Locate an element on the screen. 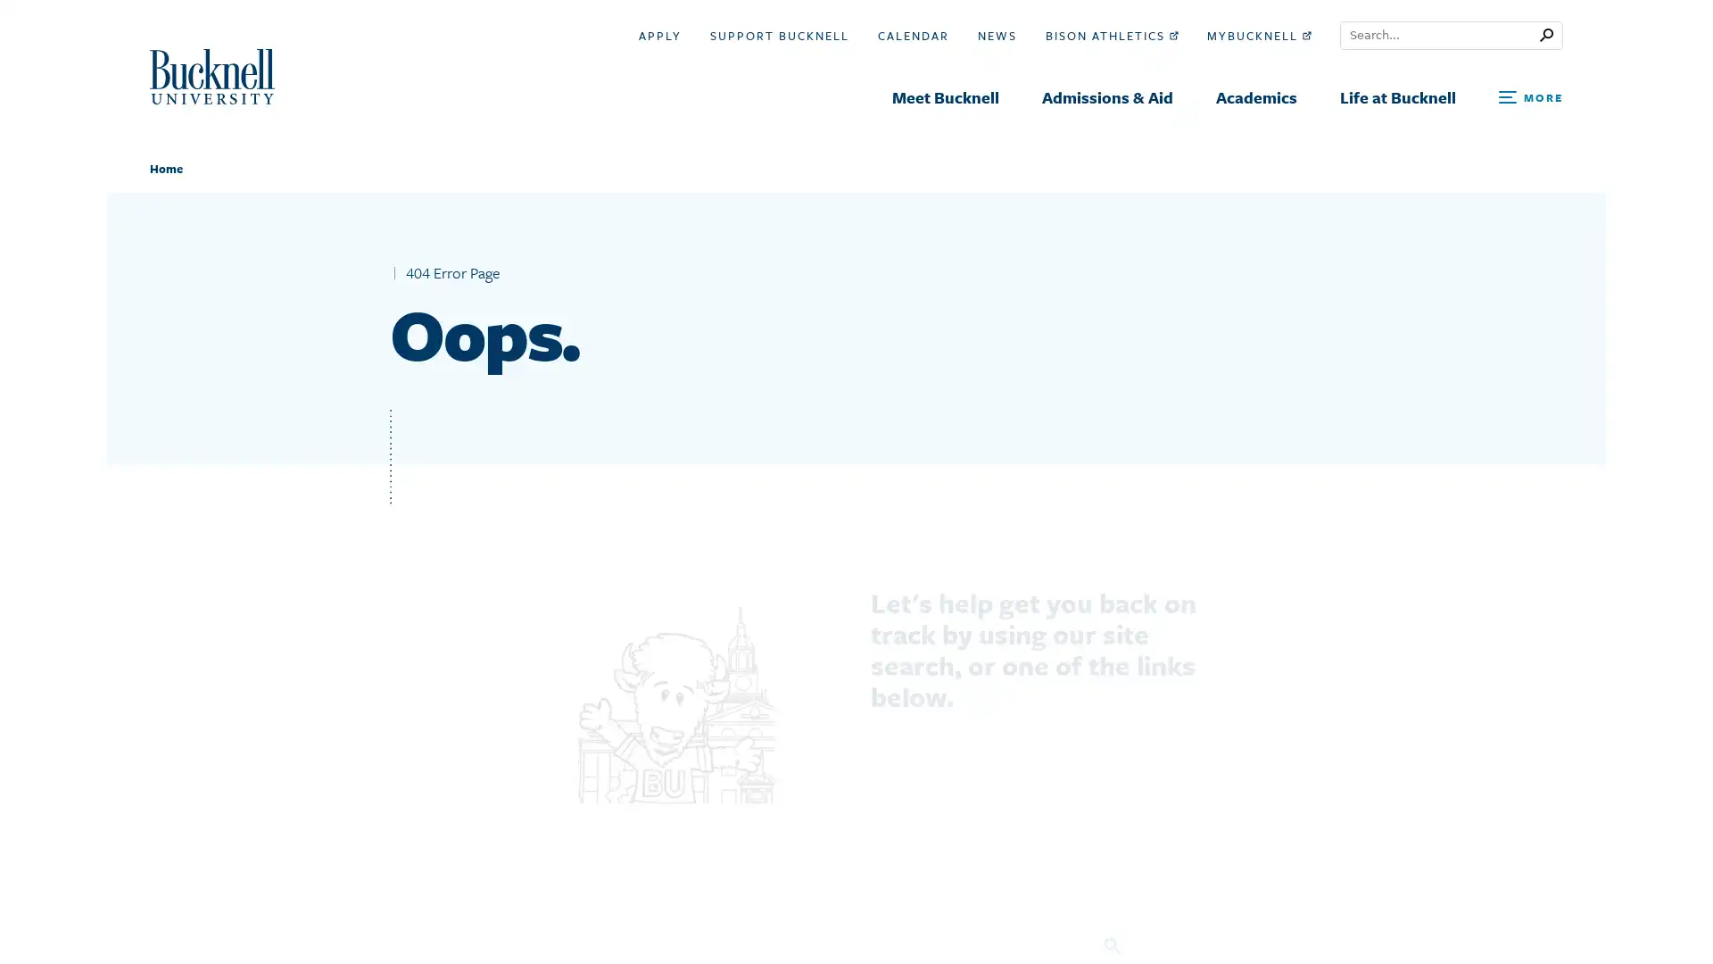 Image resolution: width=1713 pixels, height=964 pixels. Submit is located at coordinates (1550, 35).